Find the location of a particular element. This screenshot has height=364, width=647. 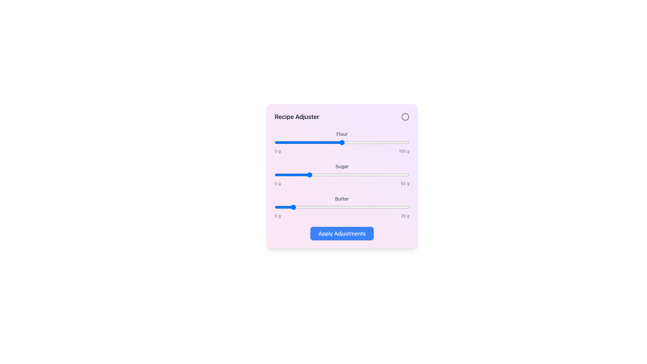

sugar slider is located at coordinates (299, 175).